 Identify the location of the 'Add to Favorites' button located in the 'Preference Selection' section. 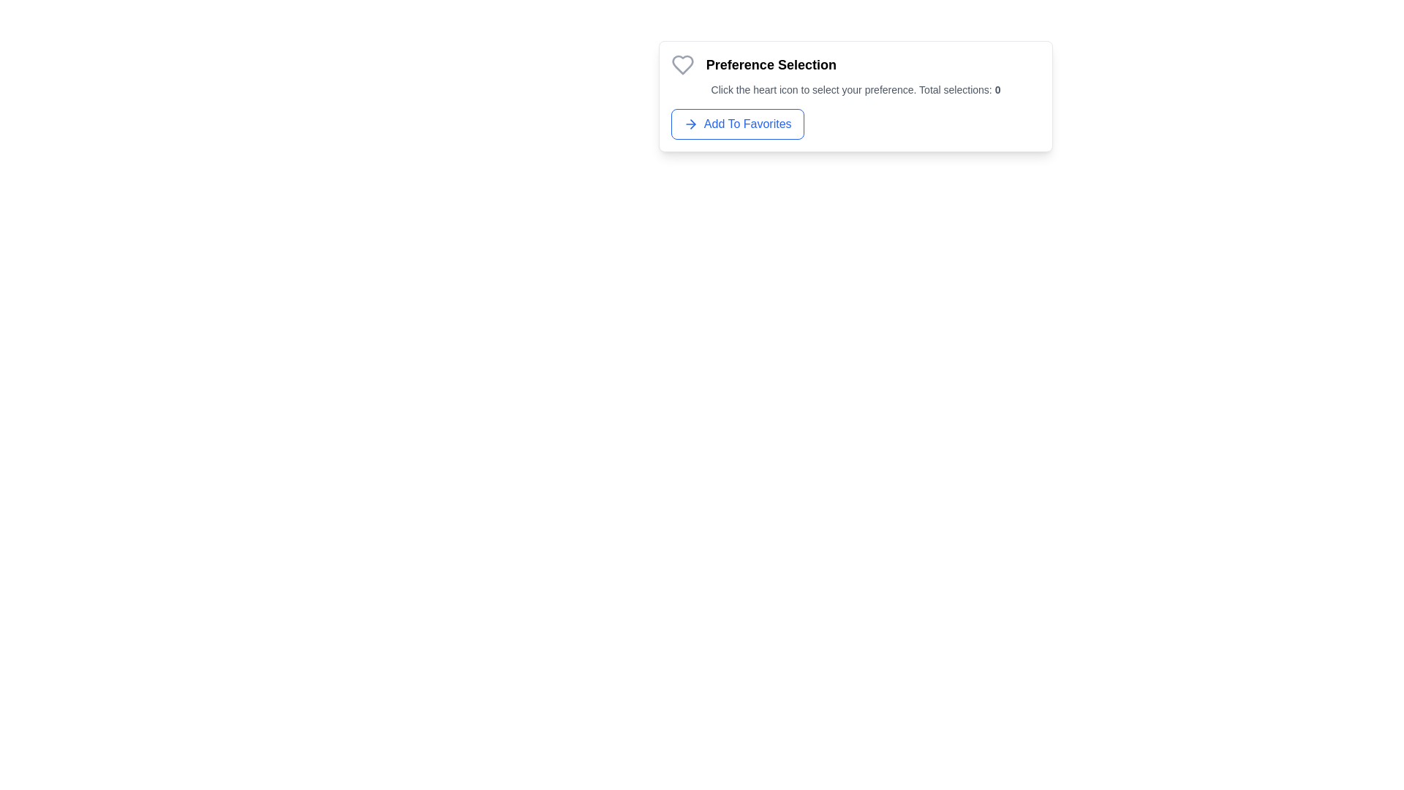
(737, 123).